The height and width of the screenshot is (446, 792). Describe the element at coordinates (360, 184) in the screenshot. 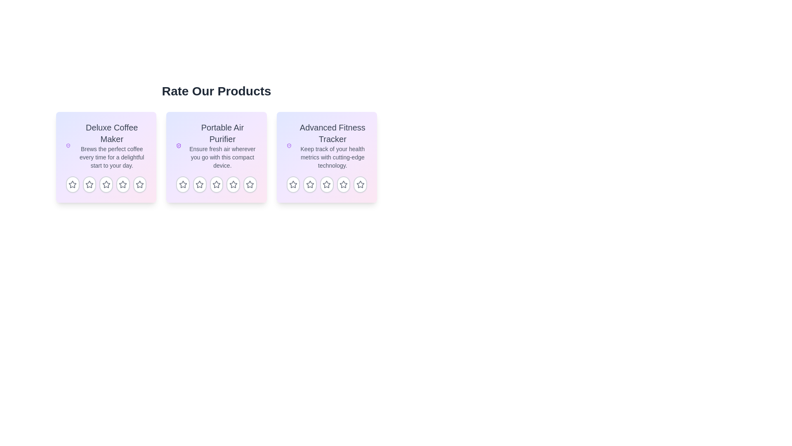

I see `the fifth star in the horizontal set of five rating stars located at the bottom of the card for 'Advanced Fitness Tracker'` at that location.